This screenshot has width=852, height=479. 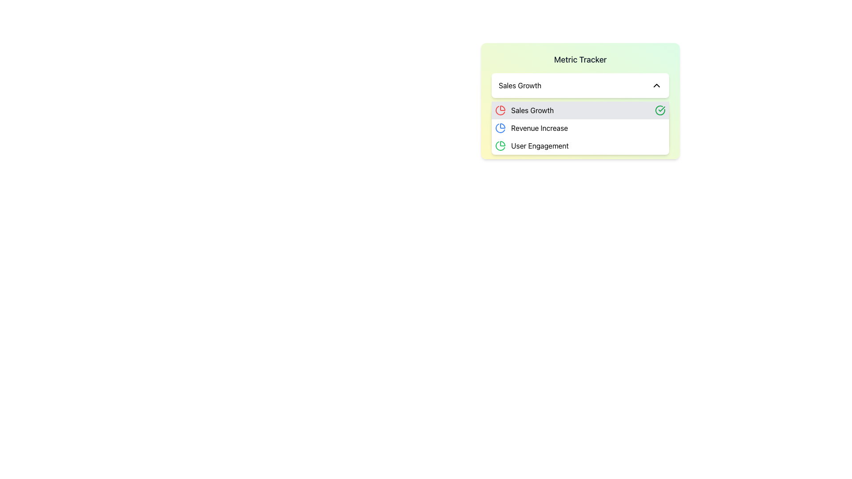 I want to click on the circular green checkmark icon located at the right end of the 'Sales Growth' row in the 'Metric Tracker' dropdown list, so click(x=660, y=110).